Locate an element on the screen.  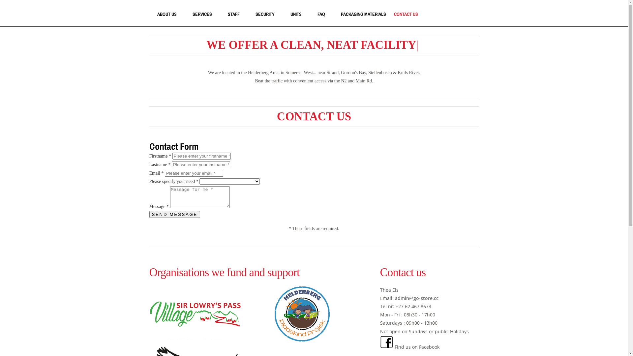
'FAQ' is located at coordinates (321, 14).